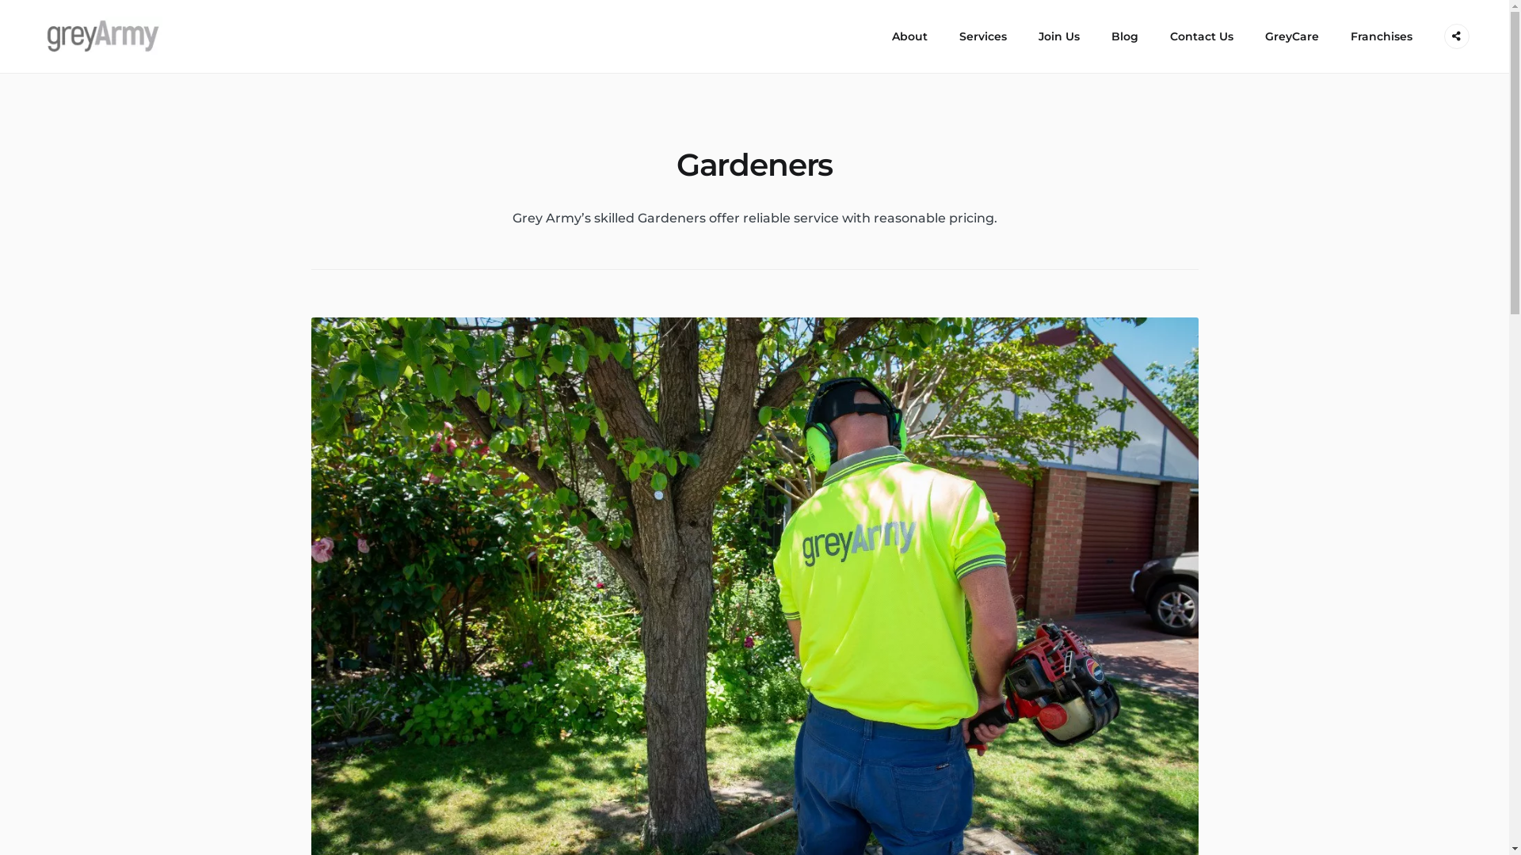 This screenshot has width=1521, height=855. What do you see at coordinates (909, 36) in the screenshot?
I see `'About'` at bounding box center [909, 36].